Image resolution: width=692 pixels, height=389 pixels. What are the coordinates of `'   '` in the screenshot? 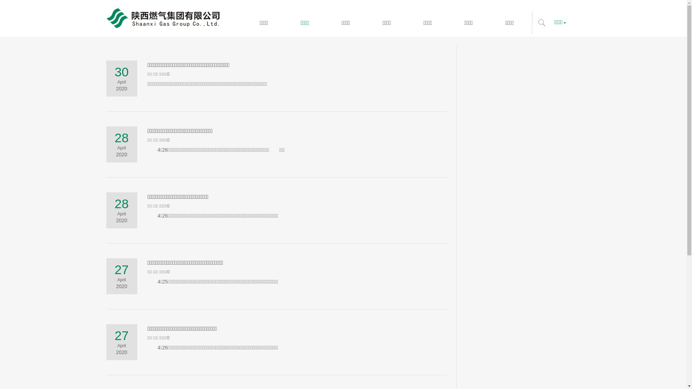 It's located at (541, 22).